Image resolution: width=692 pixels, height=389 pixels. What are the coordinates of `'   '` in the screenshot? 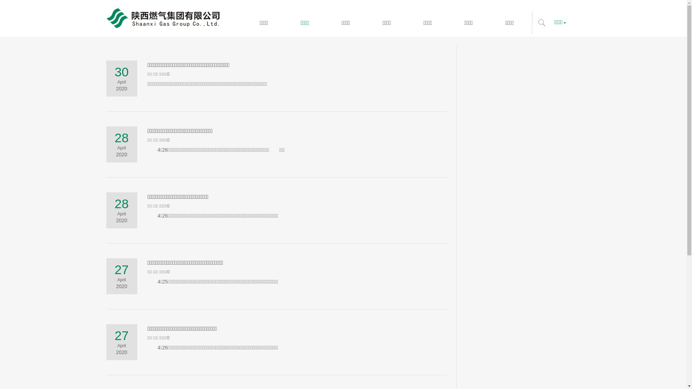 It's located at (541, 22).